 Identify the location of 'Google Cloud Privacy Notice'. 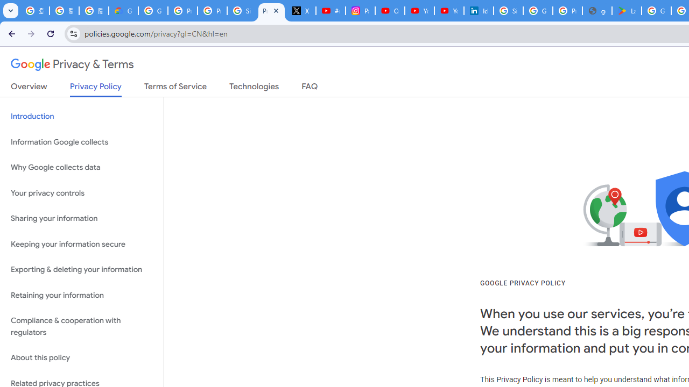
(123, 11).